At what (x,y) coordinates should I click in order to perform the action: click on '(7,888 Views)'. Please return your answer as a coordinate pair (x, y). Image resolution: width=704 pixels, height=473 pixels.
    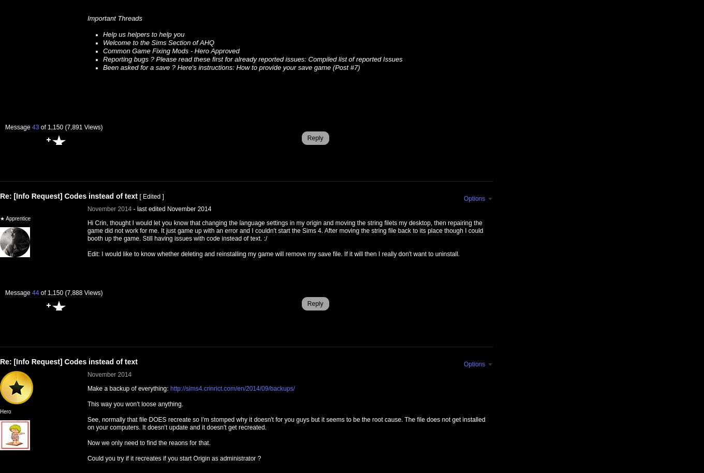
    Looking at the image, I should click on (64, 293).